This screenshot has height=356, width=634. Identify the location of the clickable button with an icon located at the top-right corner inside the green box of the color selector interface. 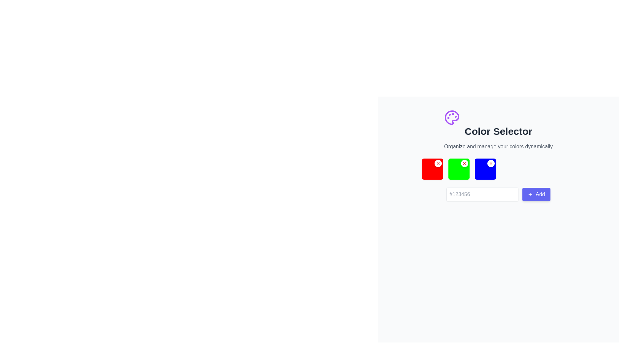
(464, 163).